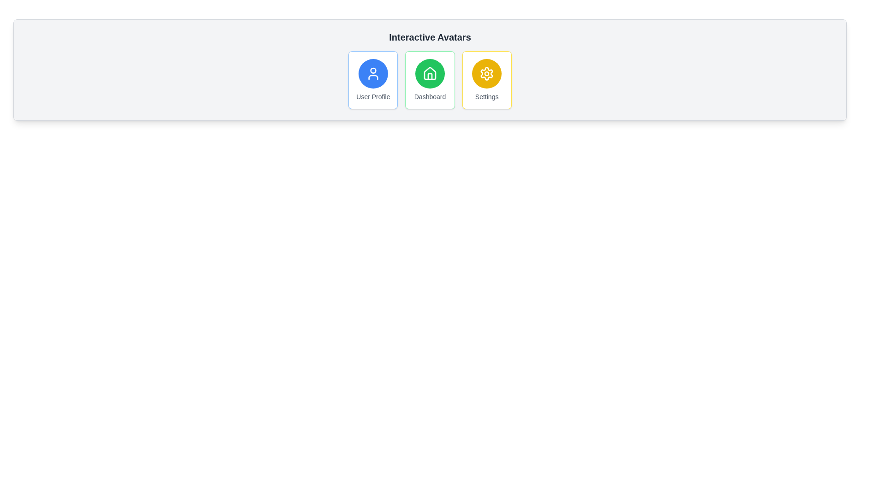 The width and height of the screenshot is (886, 498). I want to click on the second card in a group of three, which features a green circular icon with a white house symbol and the text 'Dashboard', so click(429, 79).